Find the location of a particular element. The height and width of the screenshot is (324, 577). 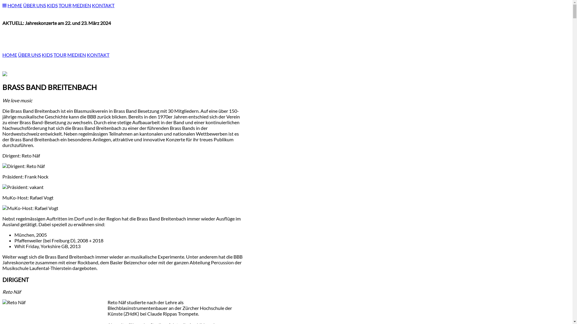

'TOUR' is located at coordinates (60, 55).